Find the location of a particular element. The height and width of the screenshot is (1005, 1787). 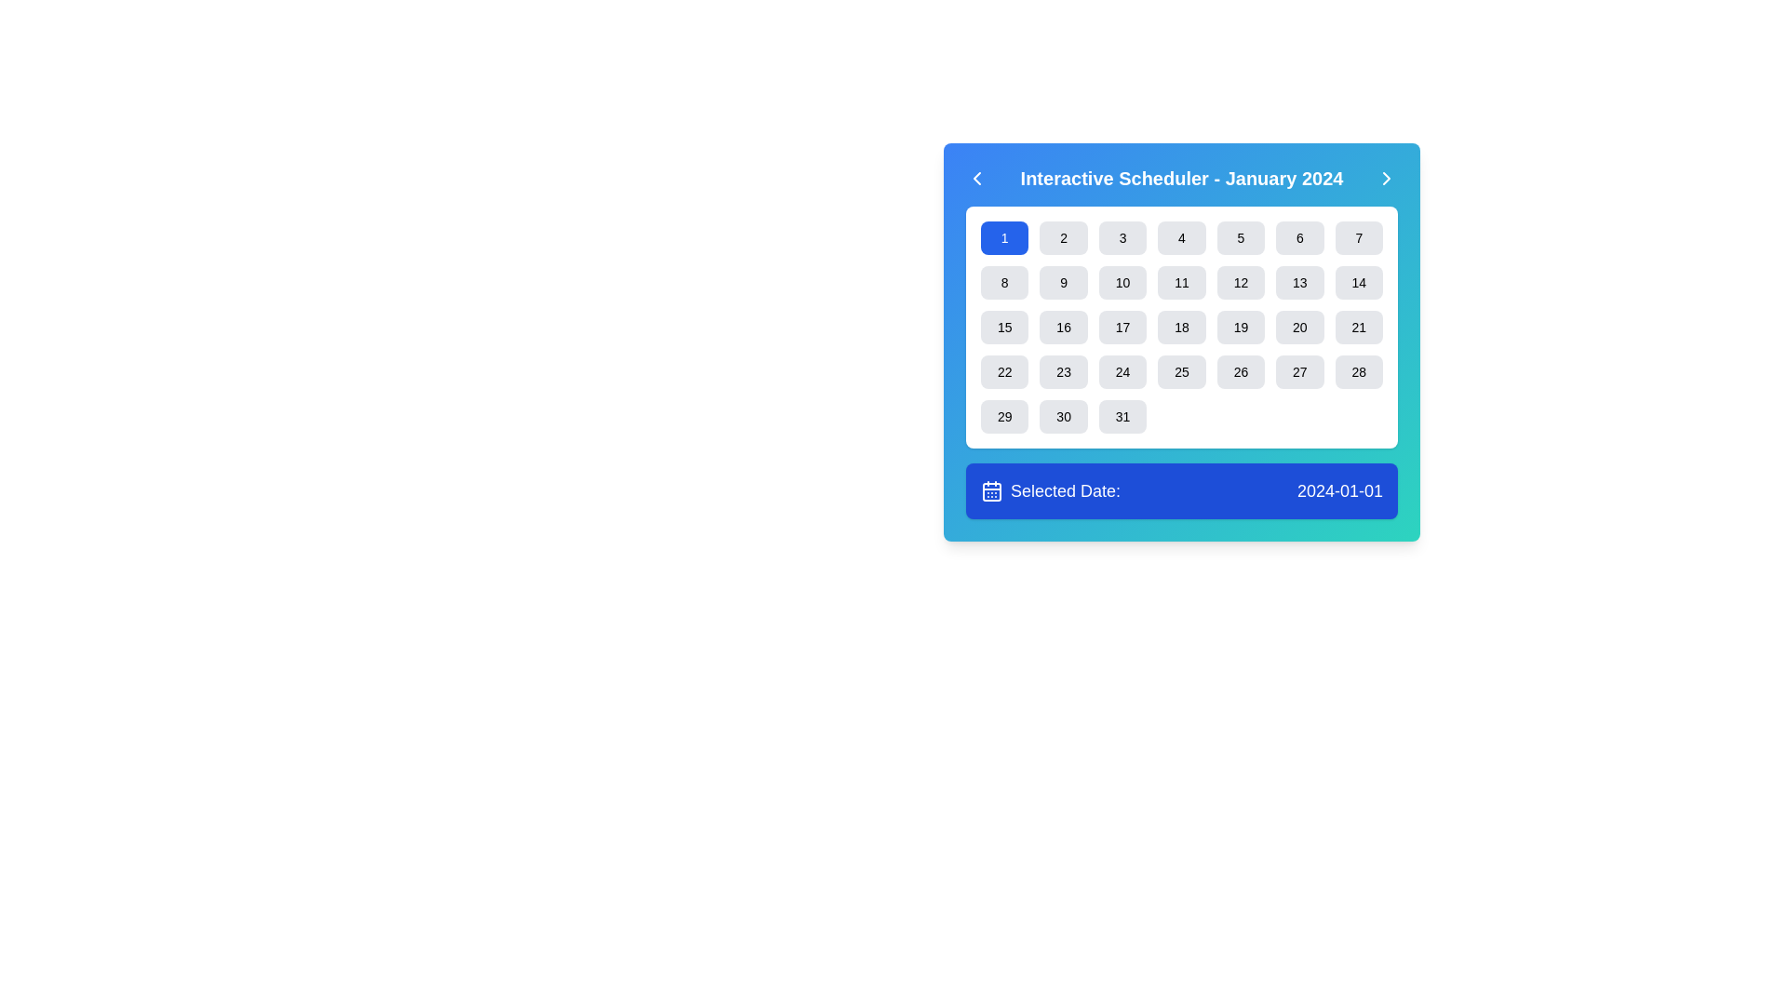

the button representing the date '5' in the calendar interface is located at coordinates (1241, 236).